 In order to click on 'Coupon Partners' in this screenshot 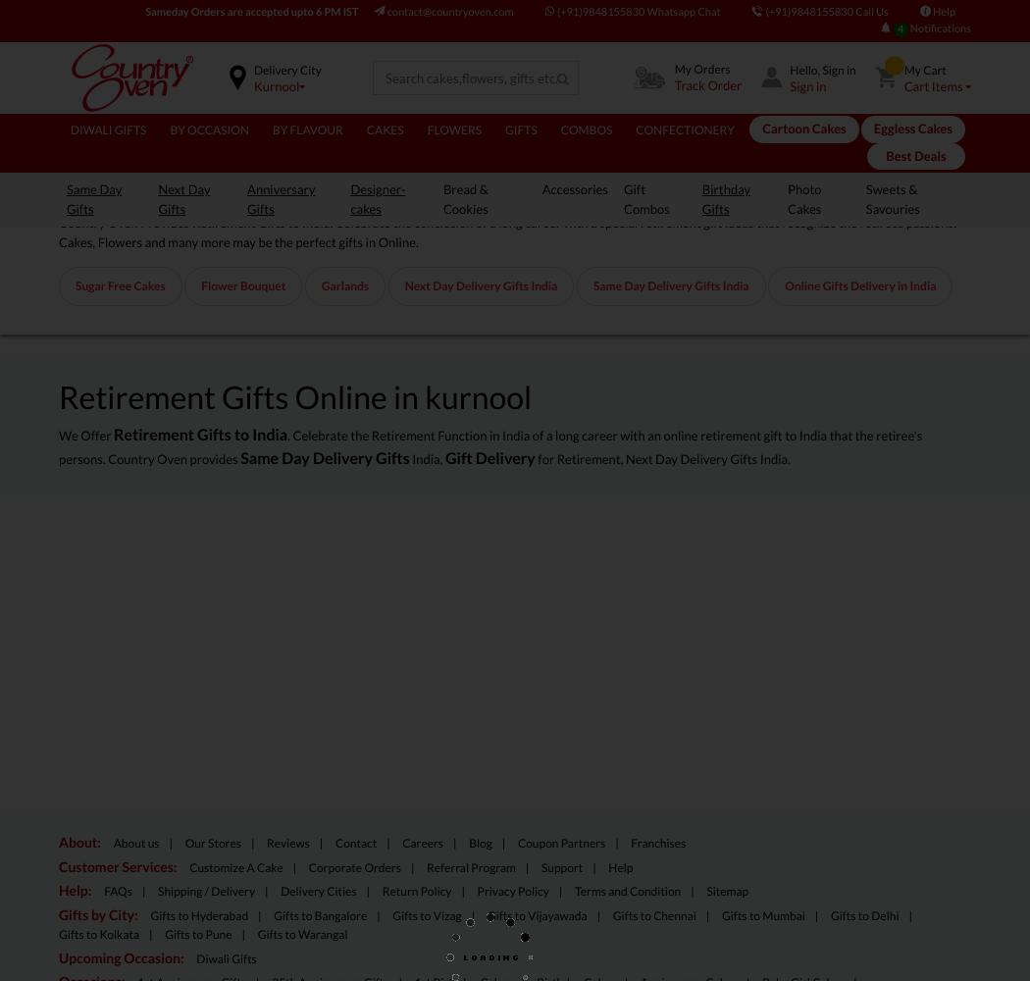, I will do `click(560, 842)`.